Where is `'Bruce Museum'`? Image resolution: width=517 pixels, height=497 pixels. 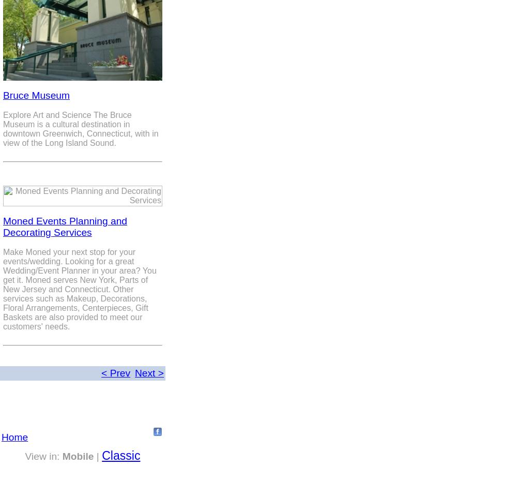 'Bruce Museum' is located at coordinates (36, 95).